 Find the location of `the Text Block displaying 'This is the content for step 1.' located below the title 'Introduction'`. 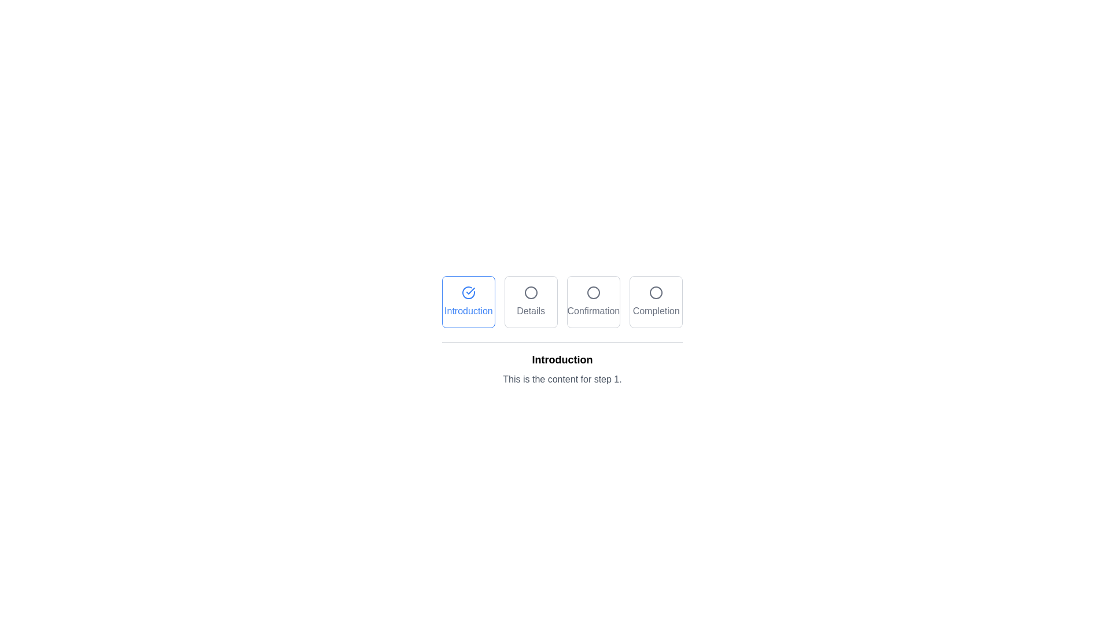

the Text Block displaying 'This is the content for step 1.' located below the title 'Introduction' is located at coordinates (562, 379).